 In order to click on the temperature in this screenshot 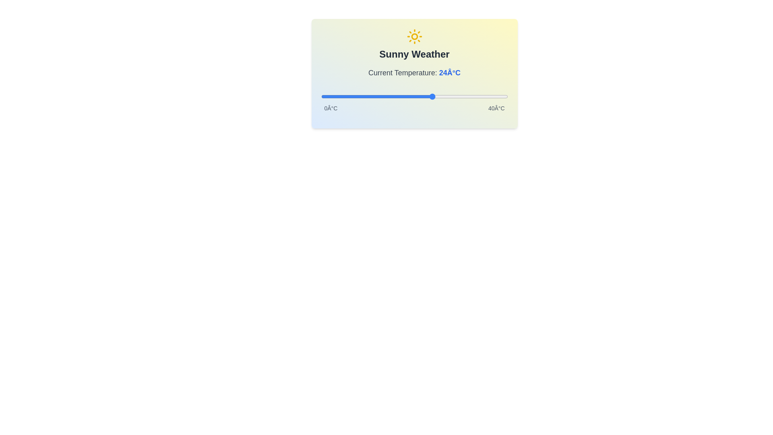, I will do `click(386, 96)`.